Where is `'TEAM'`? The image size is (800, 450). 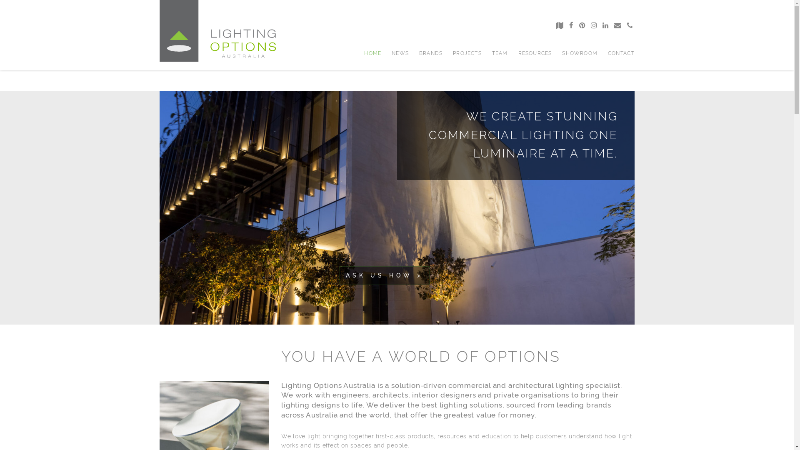 'TEAM' is located at coordinates (500, 53).